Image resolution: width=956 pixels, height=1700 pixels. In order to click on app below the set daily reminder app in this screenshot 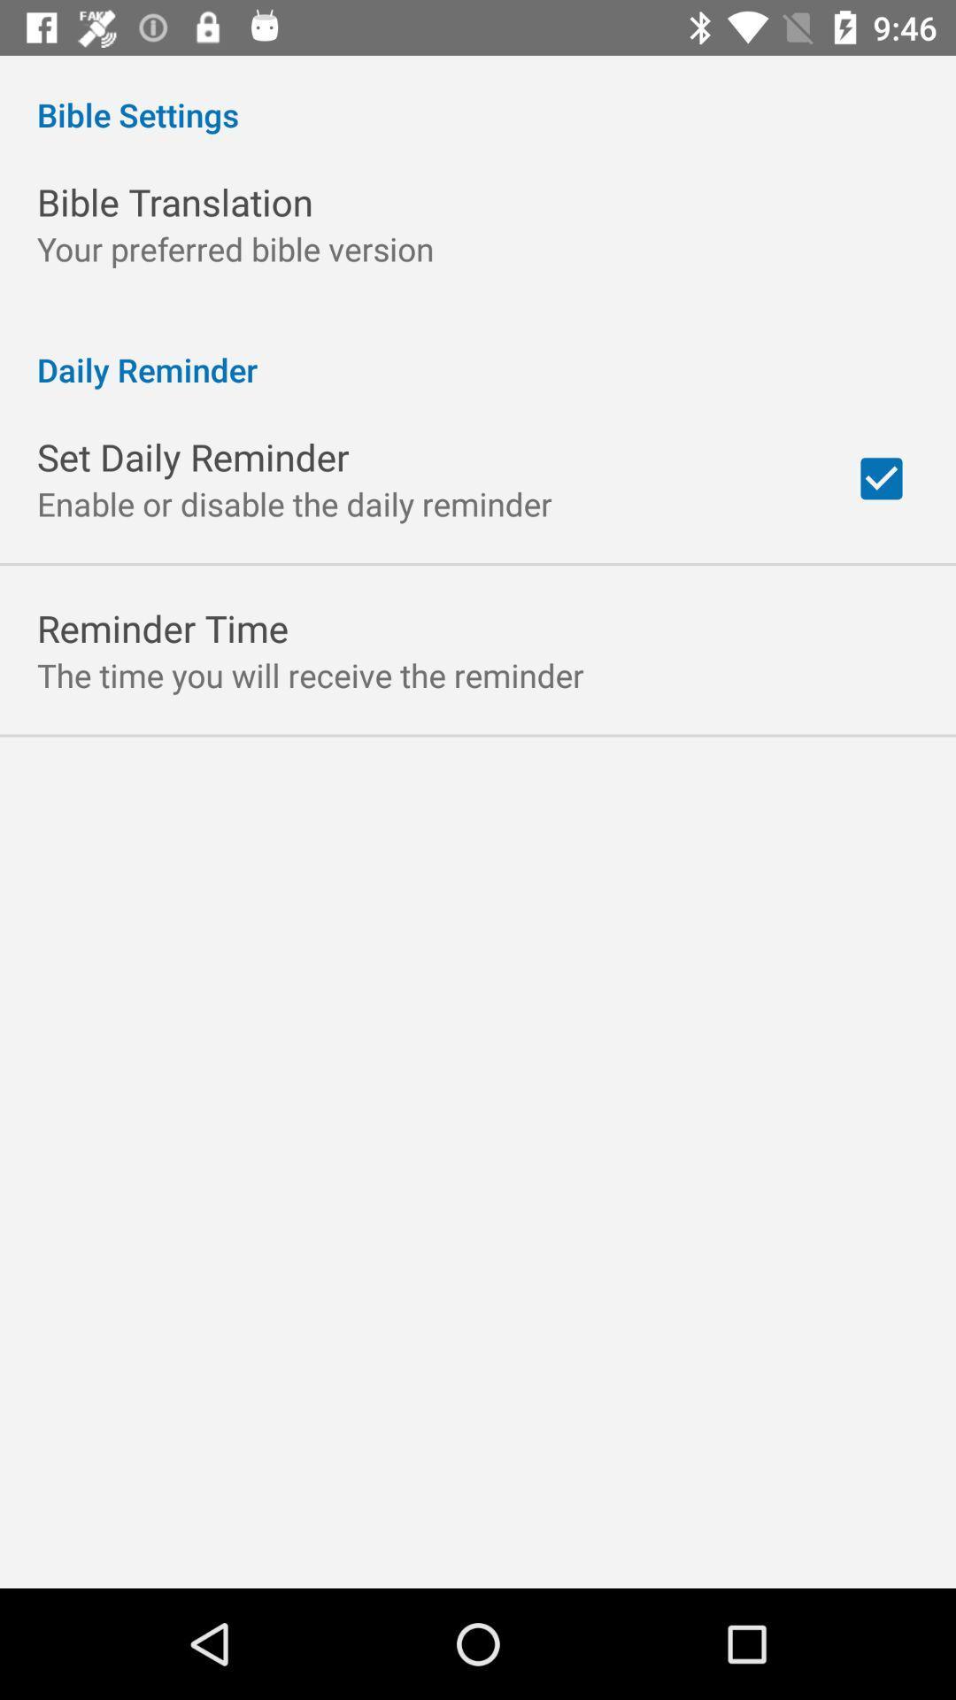, I will do `click(293, 503)`.